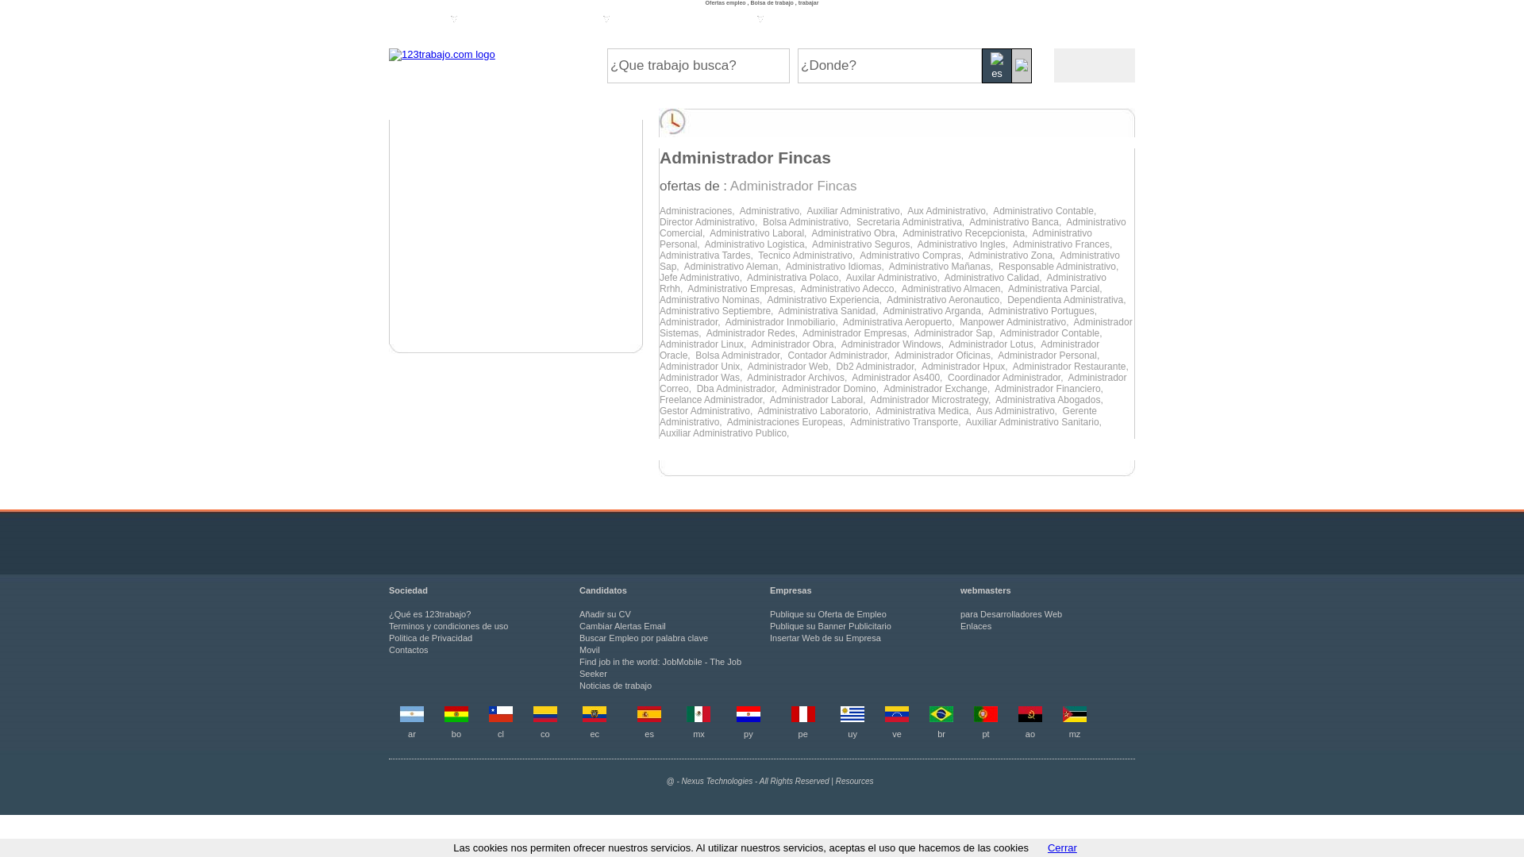 This screenshot has height=857, width=1524. I want to click on 'Administrador Microstrategy, ', so click(933, 399).